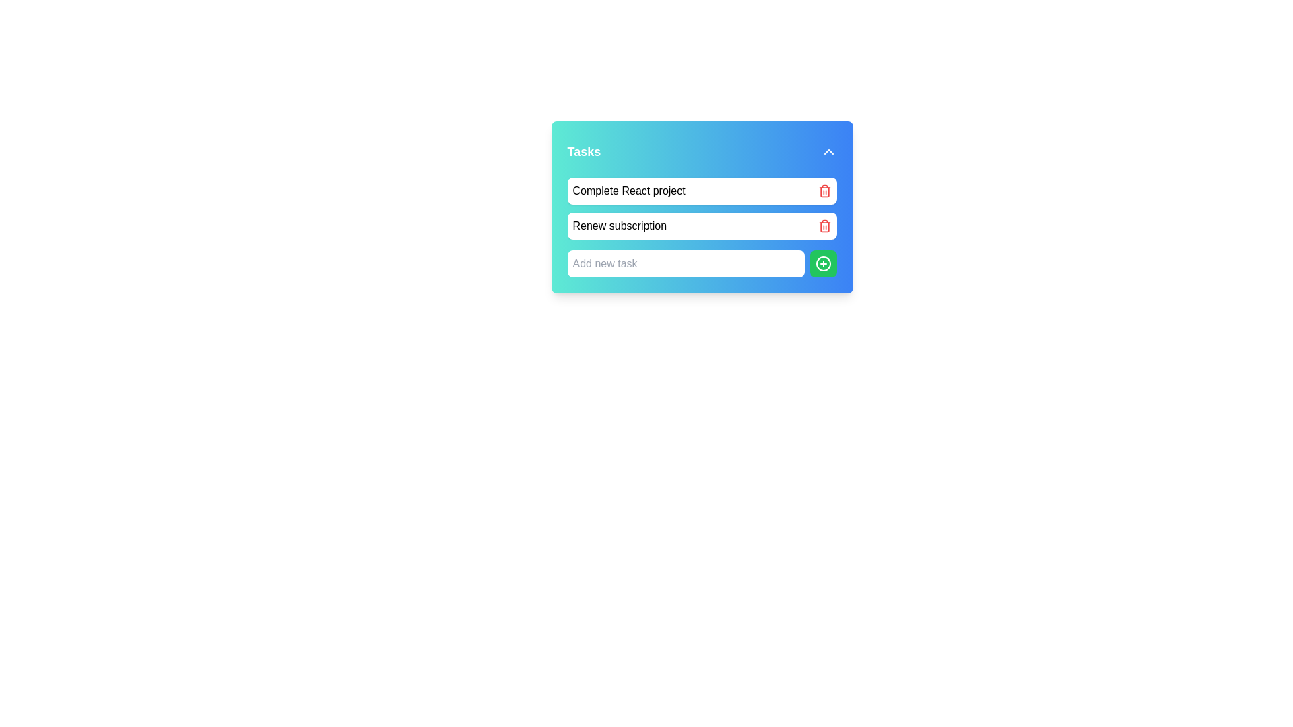  Describe the element at coordinates (619, 225) in the screenshot. I see `the static text label that represents a specific task within the task list, located below the 'Complete React project' task item` at that location.